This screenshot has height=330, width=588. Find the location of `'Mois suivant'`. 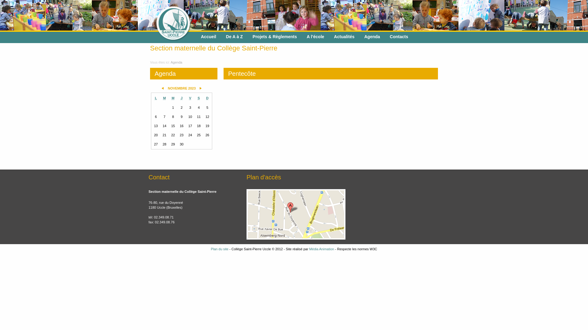

'Mois suivant' is located at coordinates (201, 88).